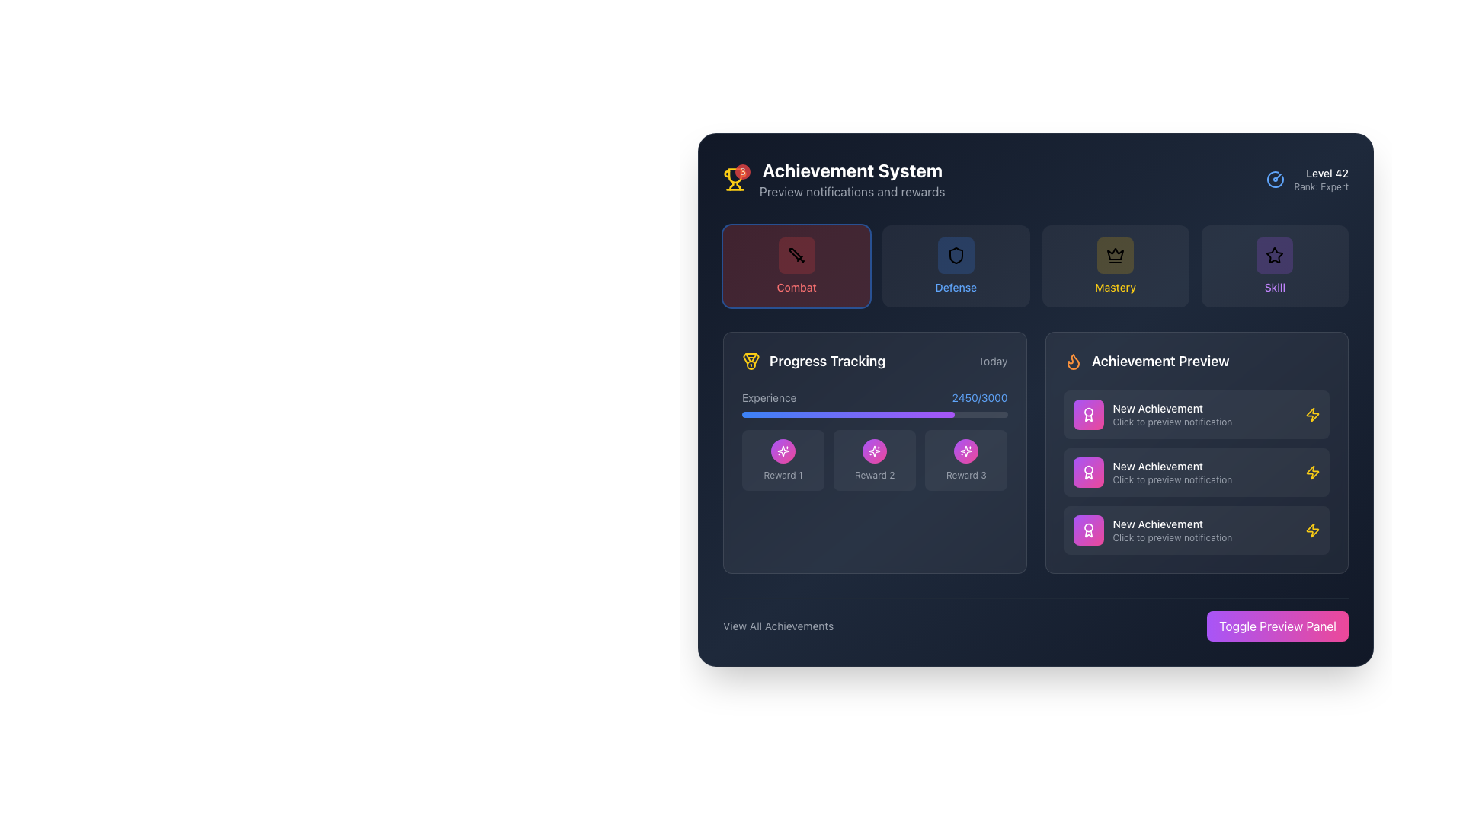  Describe the element at coordinates (1196, 472) in the screenshot. I see `the second interactive card in the 'Achievement Preview' section to preview the related notification` at that location.